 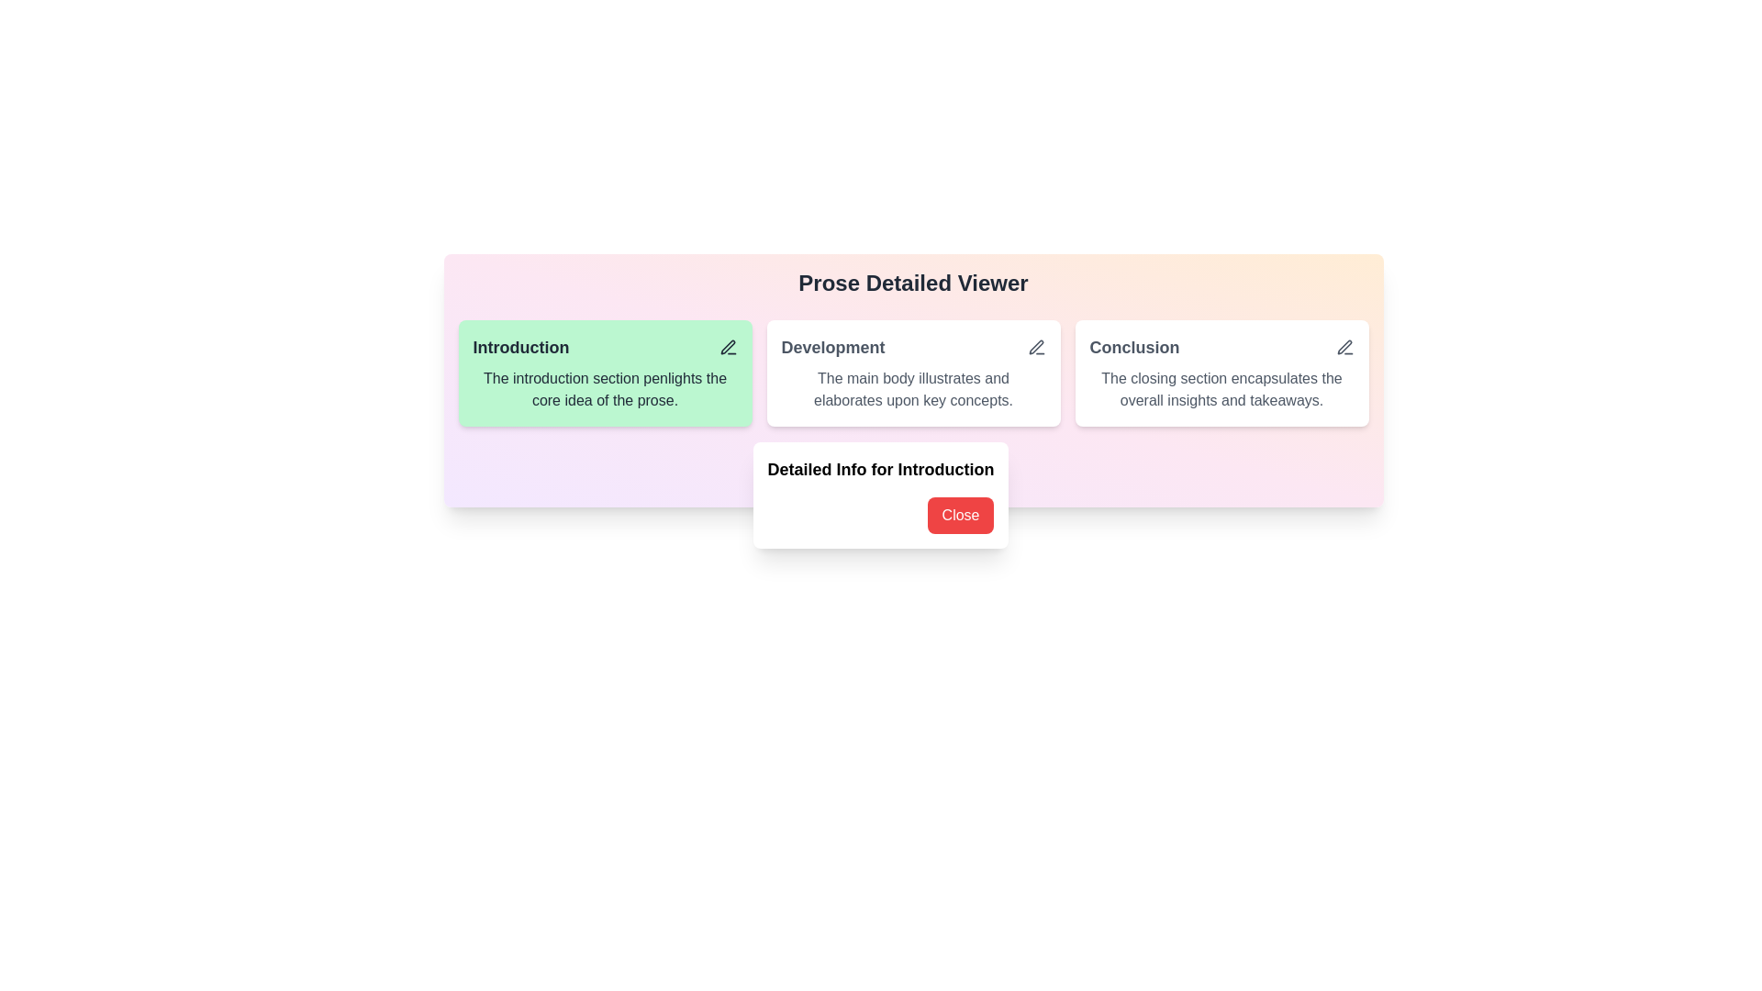 I want to click on the pen icon located at the top-right corner of the 'Conclusion' section, so click(x=1344, y=347).